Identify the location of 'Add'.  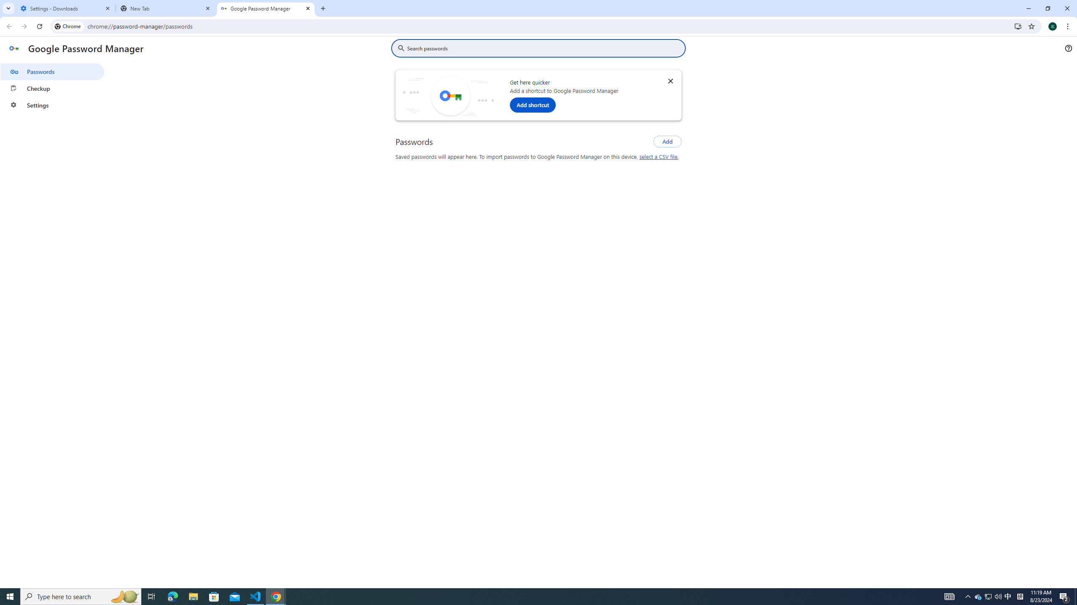
(667, 141).